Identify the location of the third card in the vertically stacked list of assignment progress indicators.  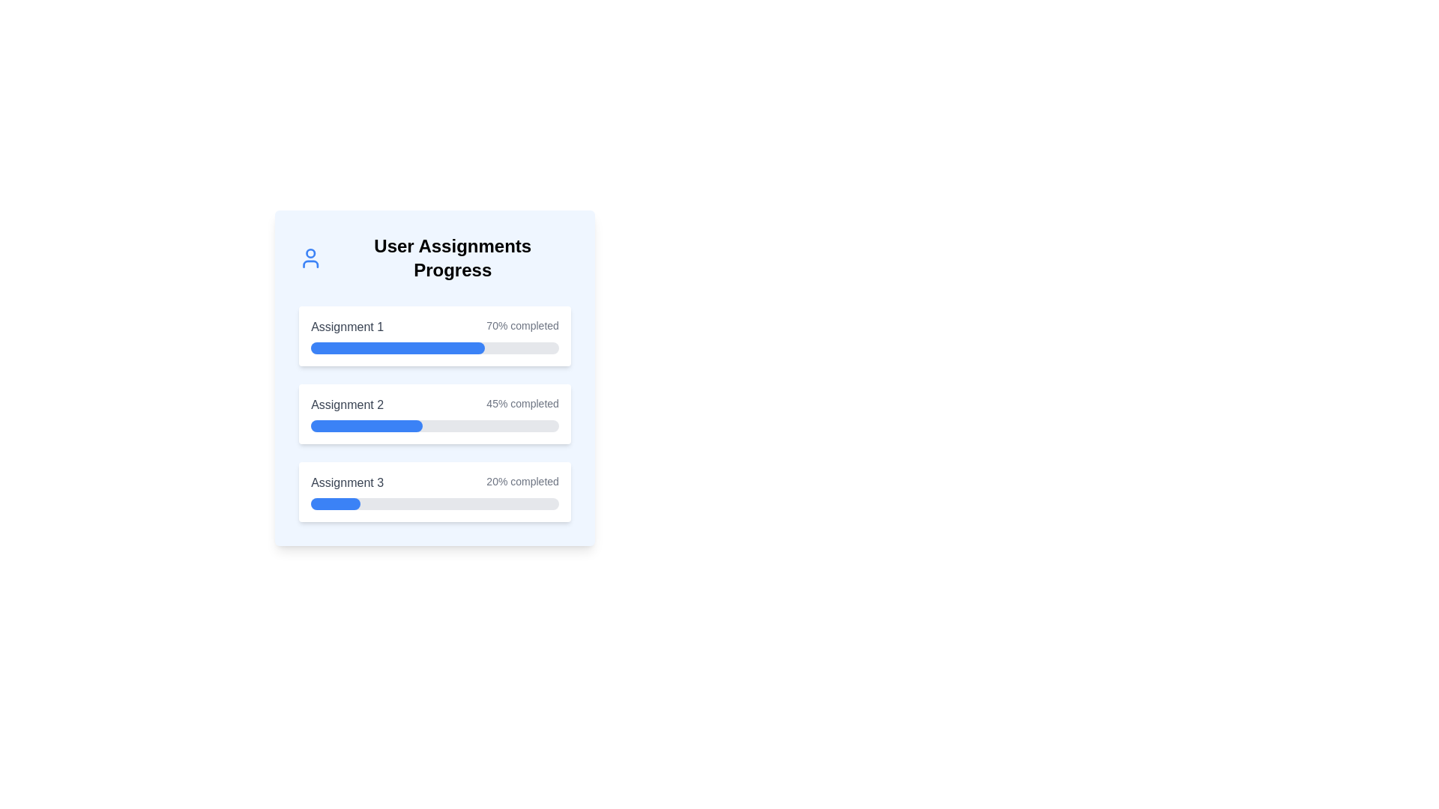
(434, 491).